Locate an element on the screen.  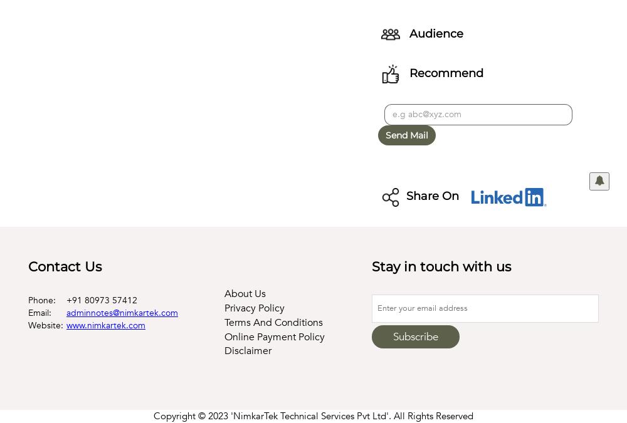
'adminnotes@nimkartek.com' is located at coordinates (122, 311).